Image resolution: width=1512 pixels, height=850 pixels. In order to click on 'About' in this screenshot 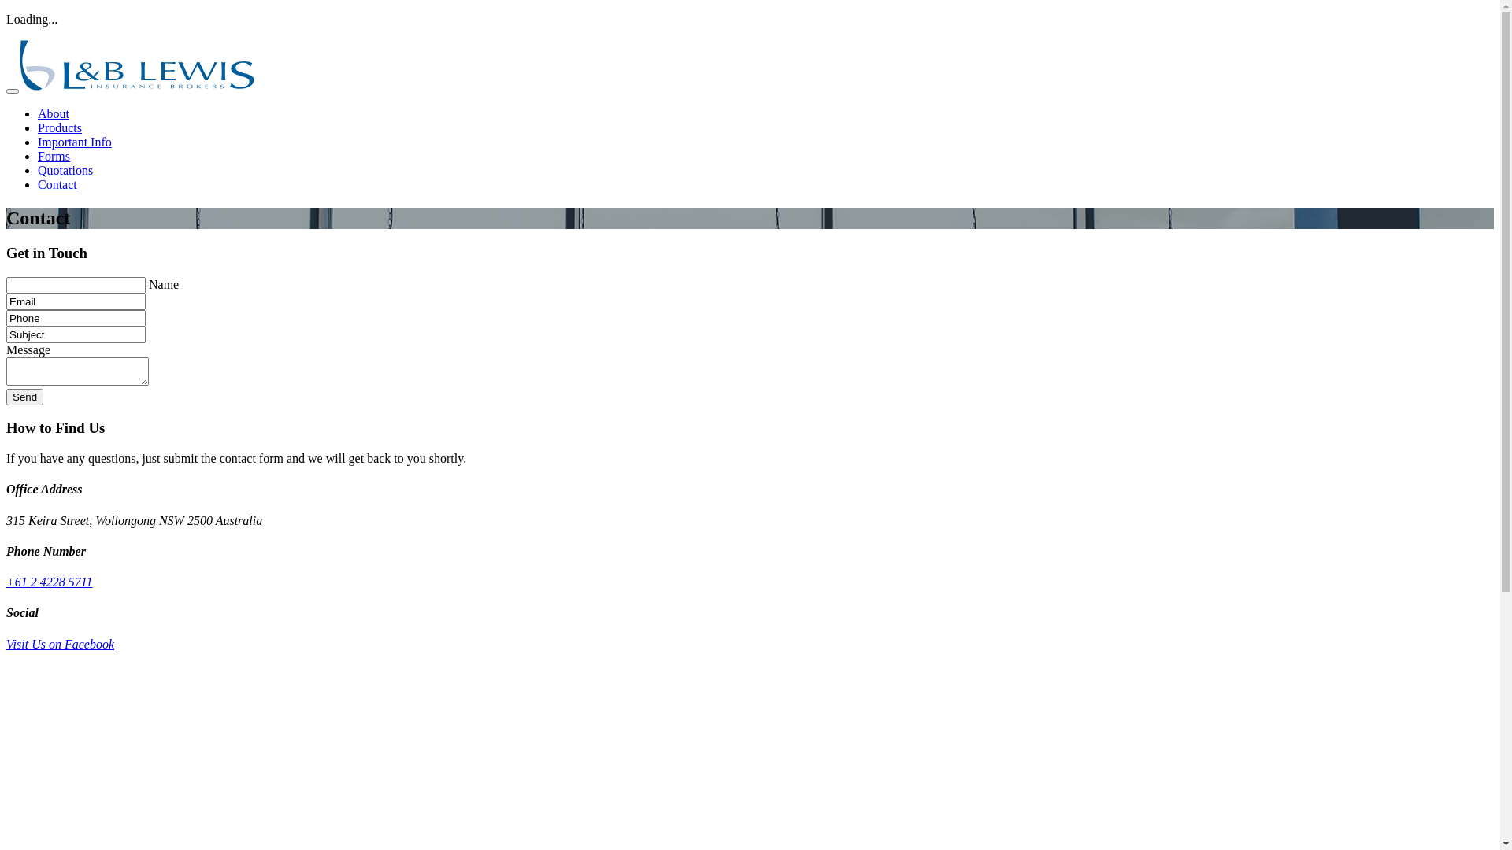, I will do `click(53, 113)`.